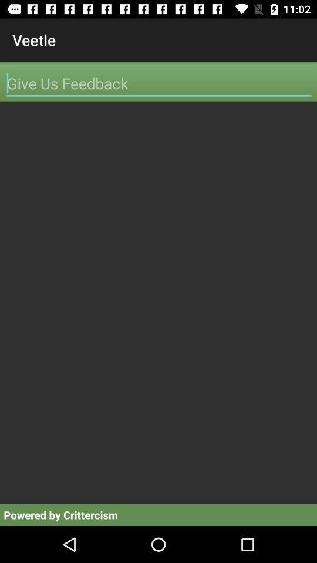 This screenshot has height=563, width=317. I want to click on feedback, so click(158, 83).